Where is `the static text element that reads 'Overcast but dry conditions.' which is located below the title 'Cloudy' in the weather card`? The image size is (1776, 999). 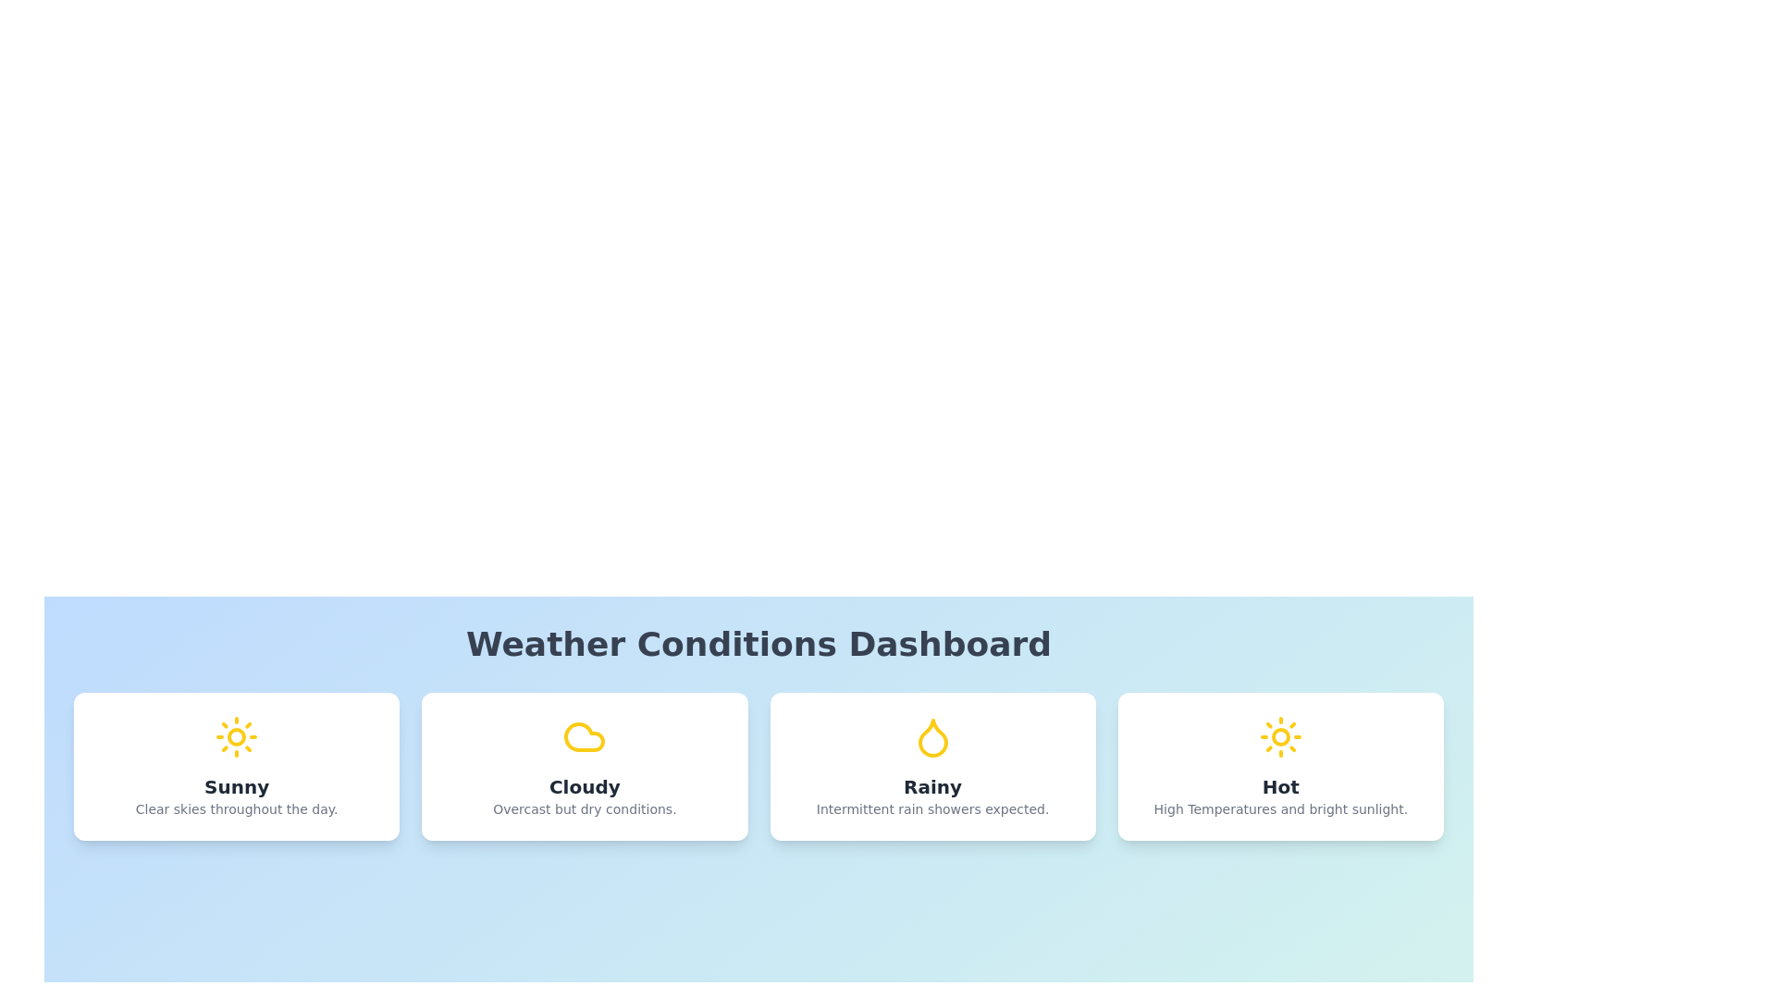 the static text element that reads 'Overcast but dry conditions.' which is located below the title 'Cloudy' in the weather card is located at coordinates (584, 808).